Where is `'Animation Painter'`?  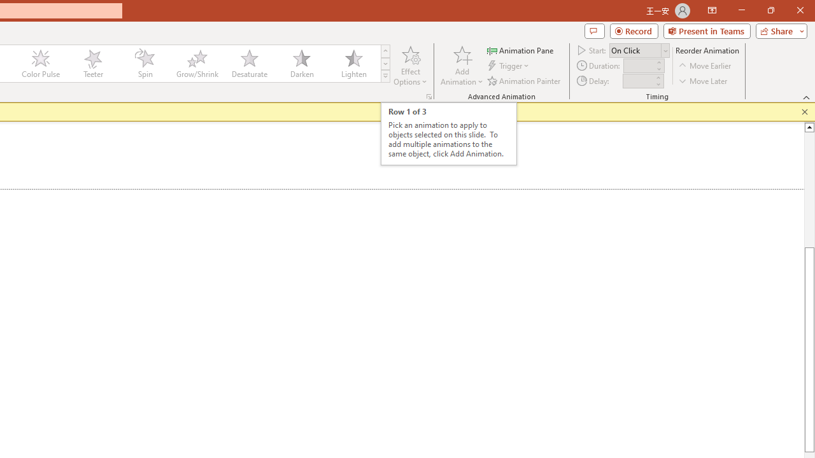
'Animation Painter' is located at coordinates (525, 81).